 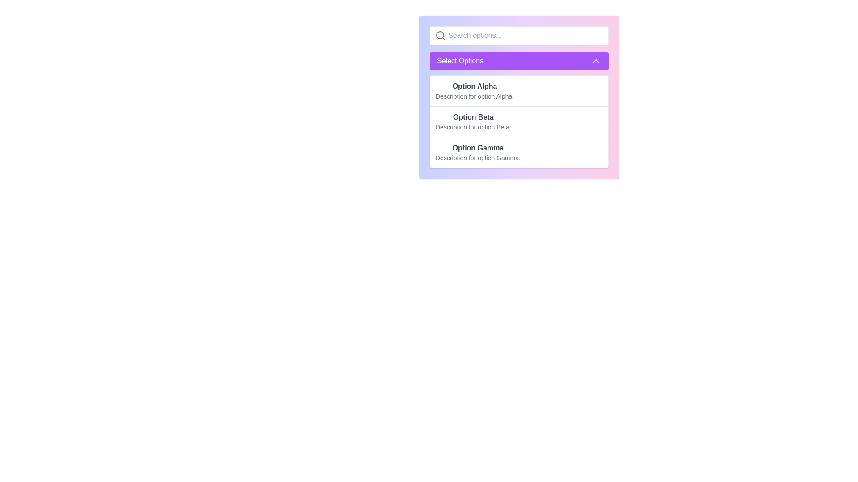 I want to click on text content of the label displaying 'Description for option Beta', which is styled in a smaller gray font and located directly beneath 'Option Beta', so click(x=473, y=127).